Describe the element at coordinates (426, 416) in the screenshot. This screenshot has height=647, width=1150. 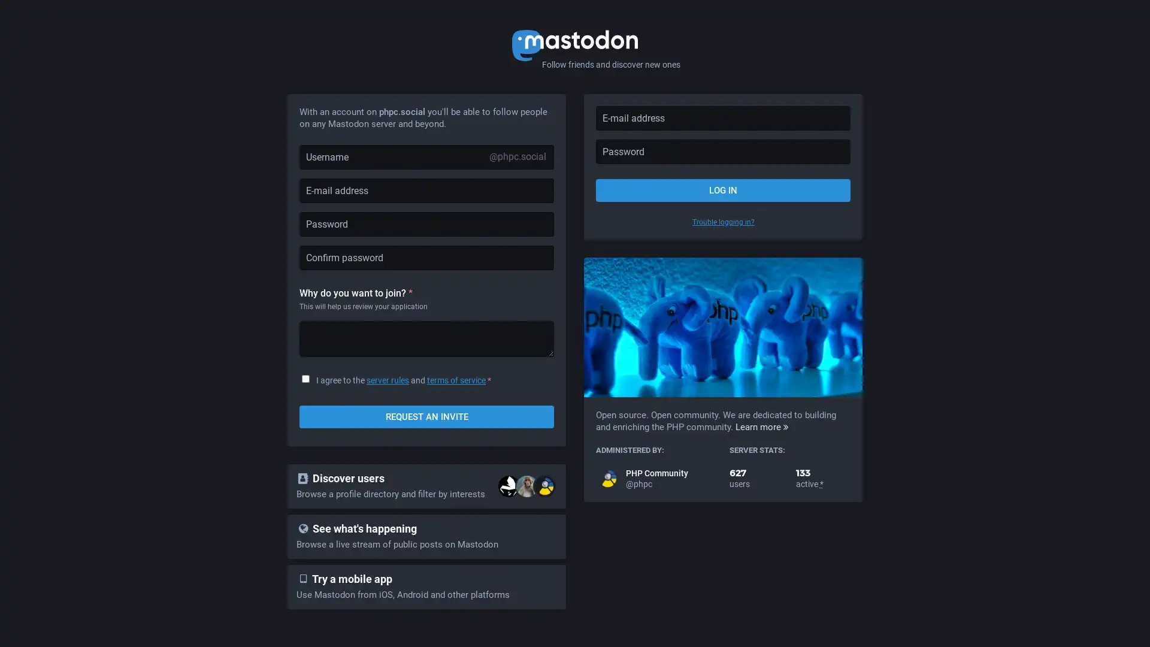
I see `REQUEST AN INVITE` at that location.